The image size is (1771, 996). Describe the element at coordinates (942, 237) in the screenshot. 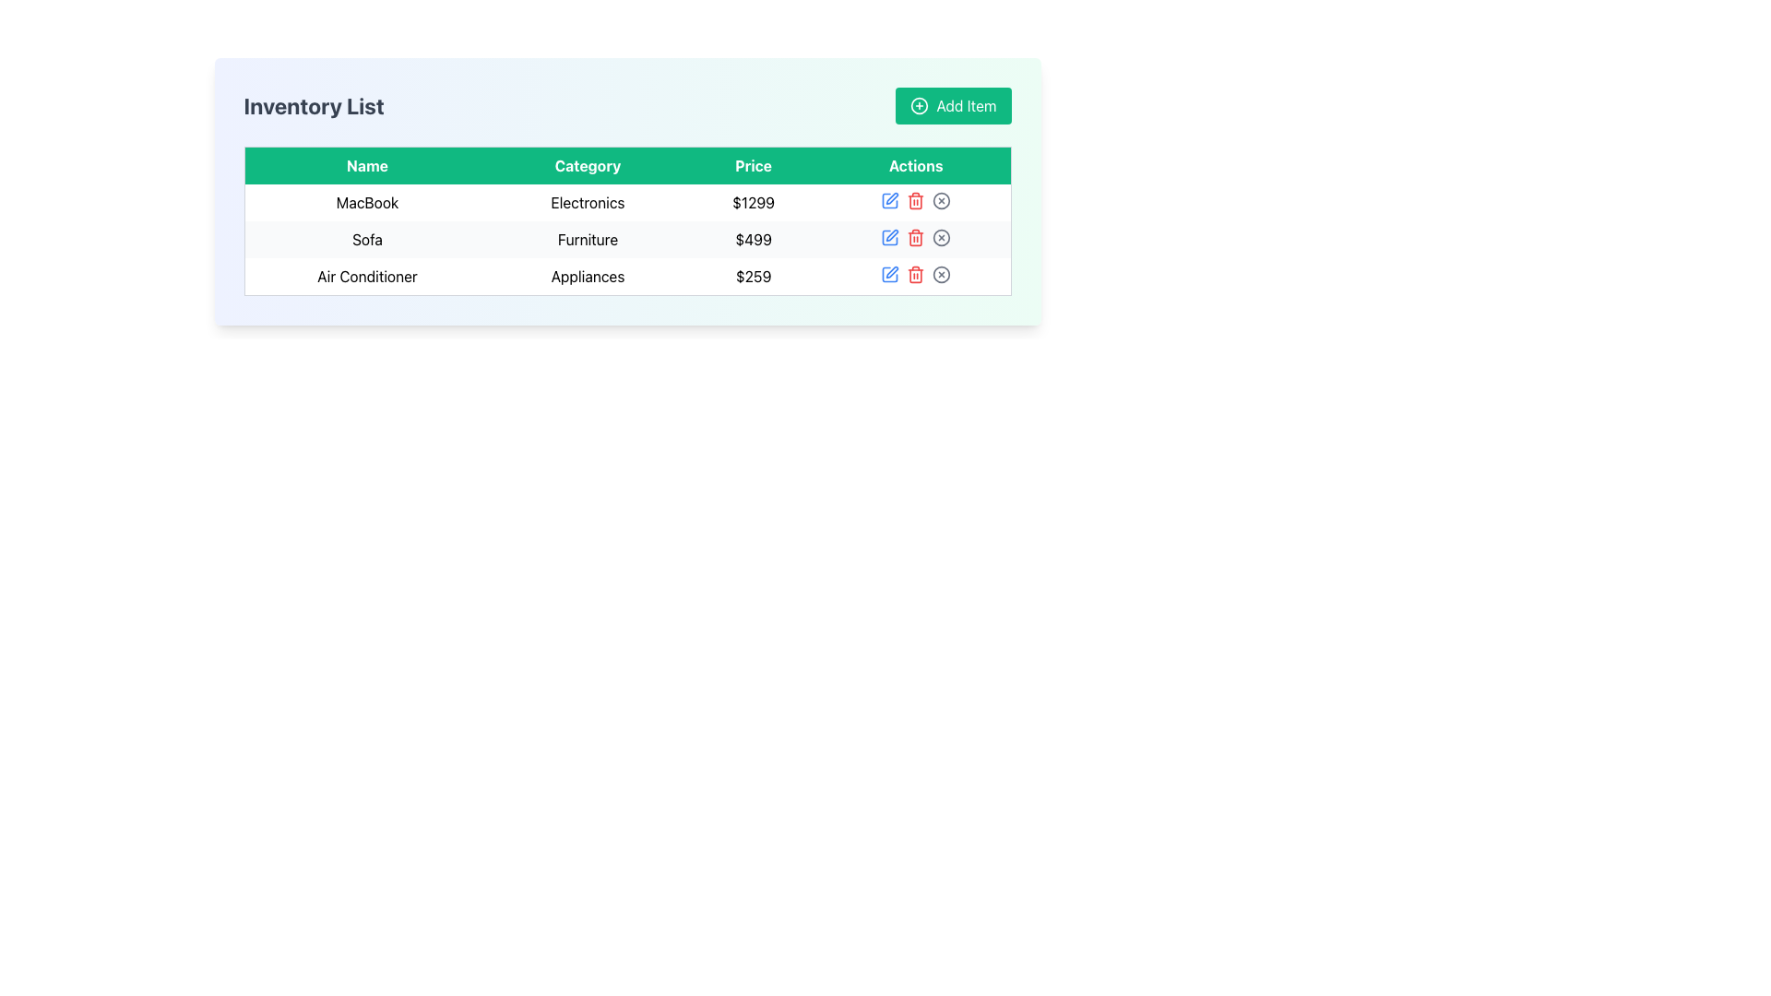

I see `the circular icon button with a cross symbol in the 'Actions' column of the second table row for the item 'Sofa'` at that location.